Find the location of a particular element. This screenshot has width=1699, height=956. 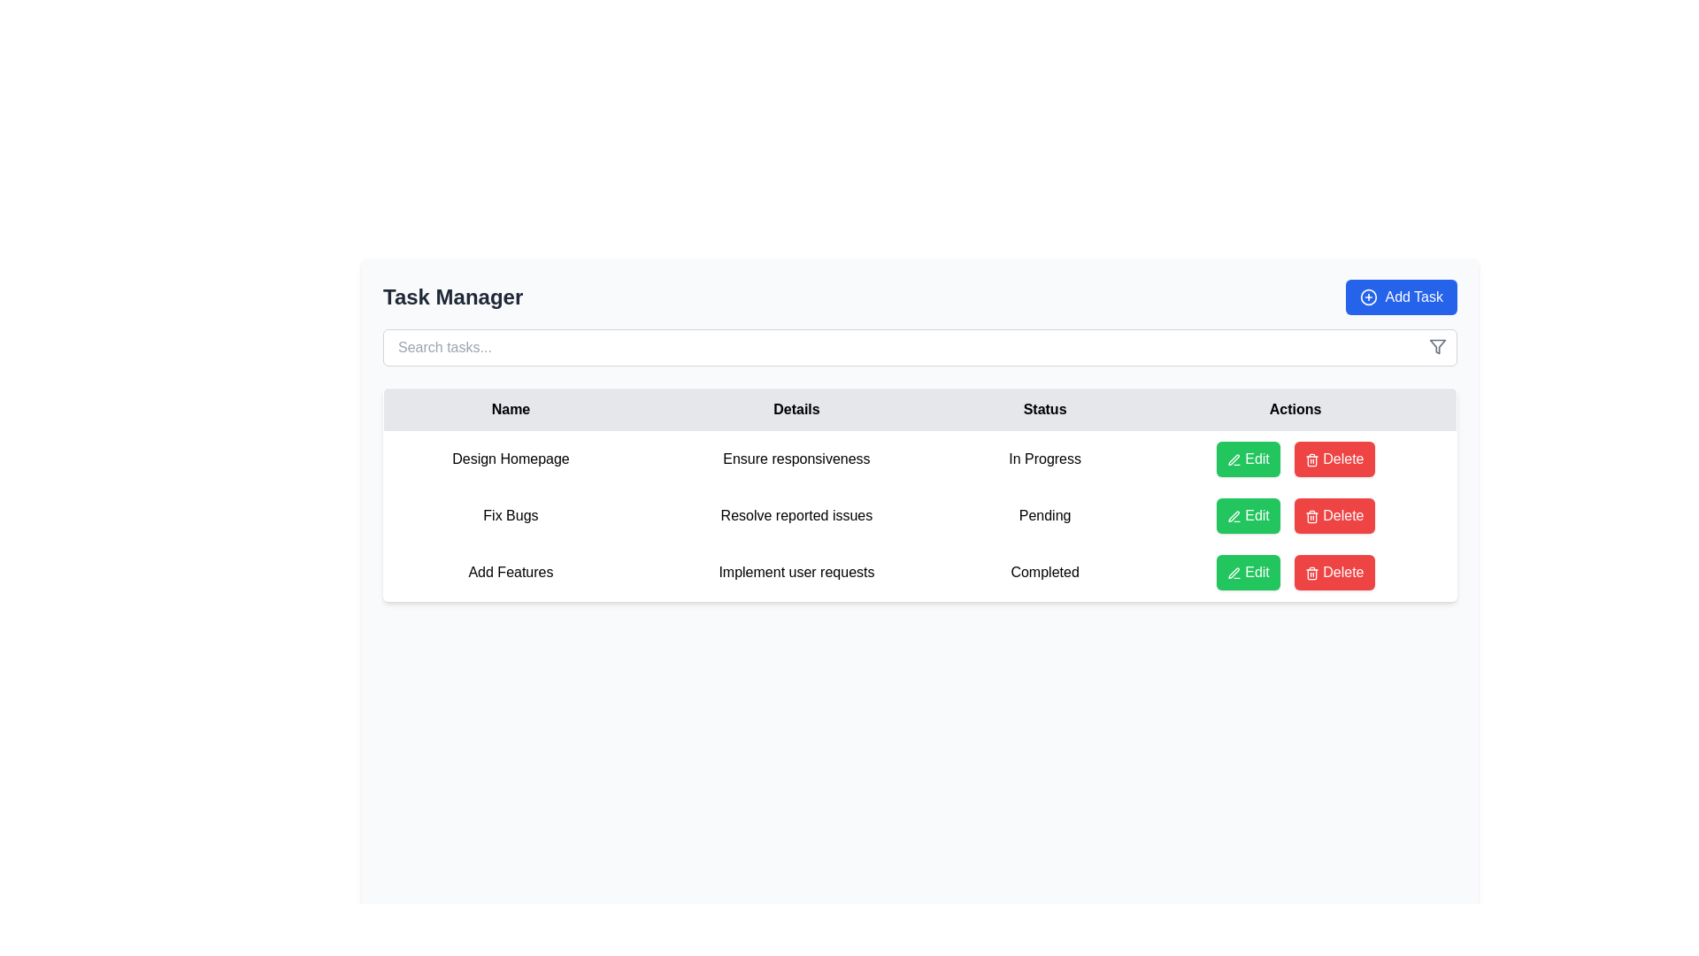

'Task Manager' header text, which is displayed in large, bold, dark gray letters at the top left corner of the interface is located at coordinates (453, 296).